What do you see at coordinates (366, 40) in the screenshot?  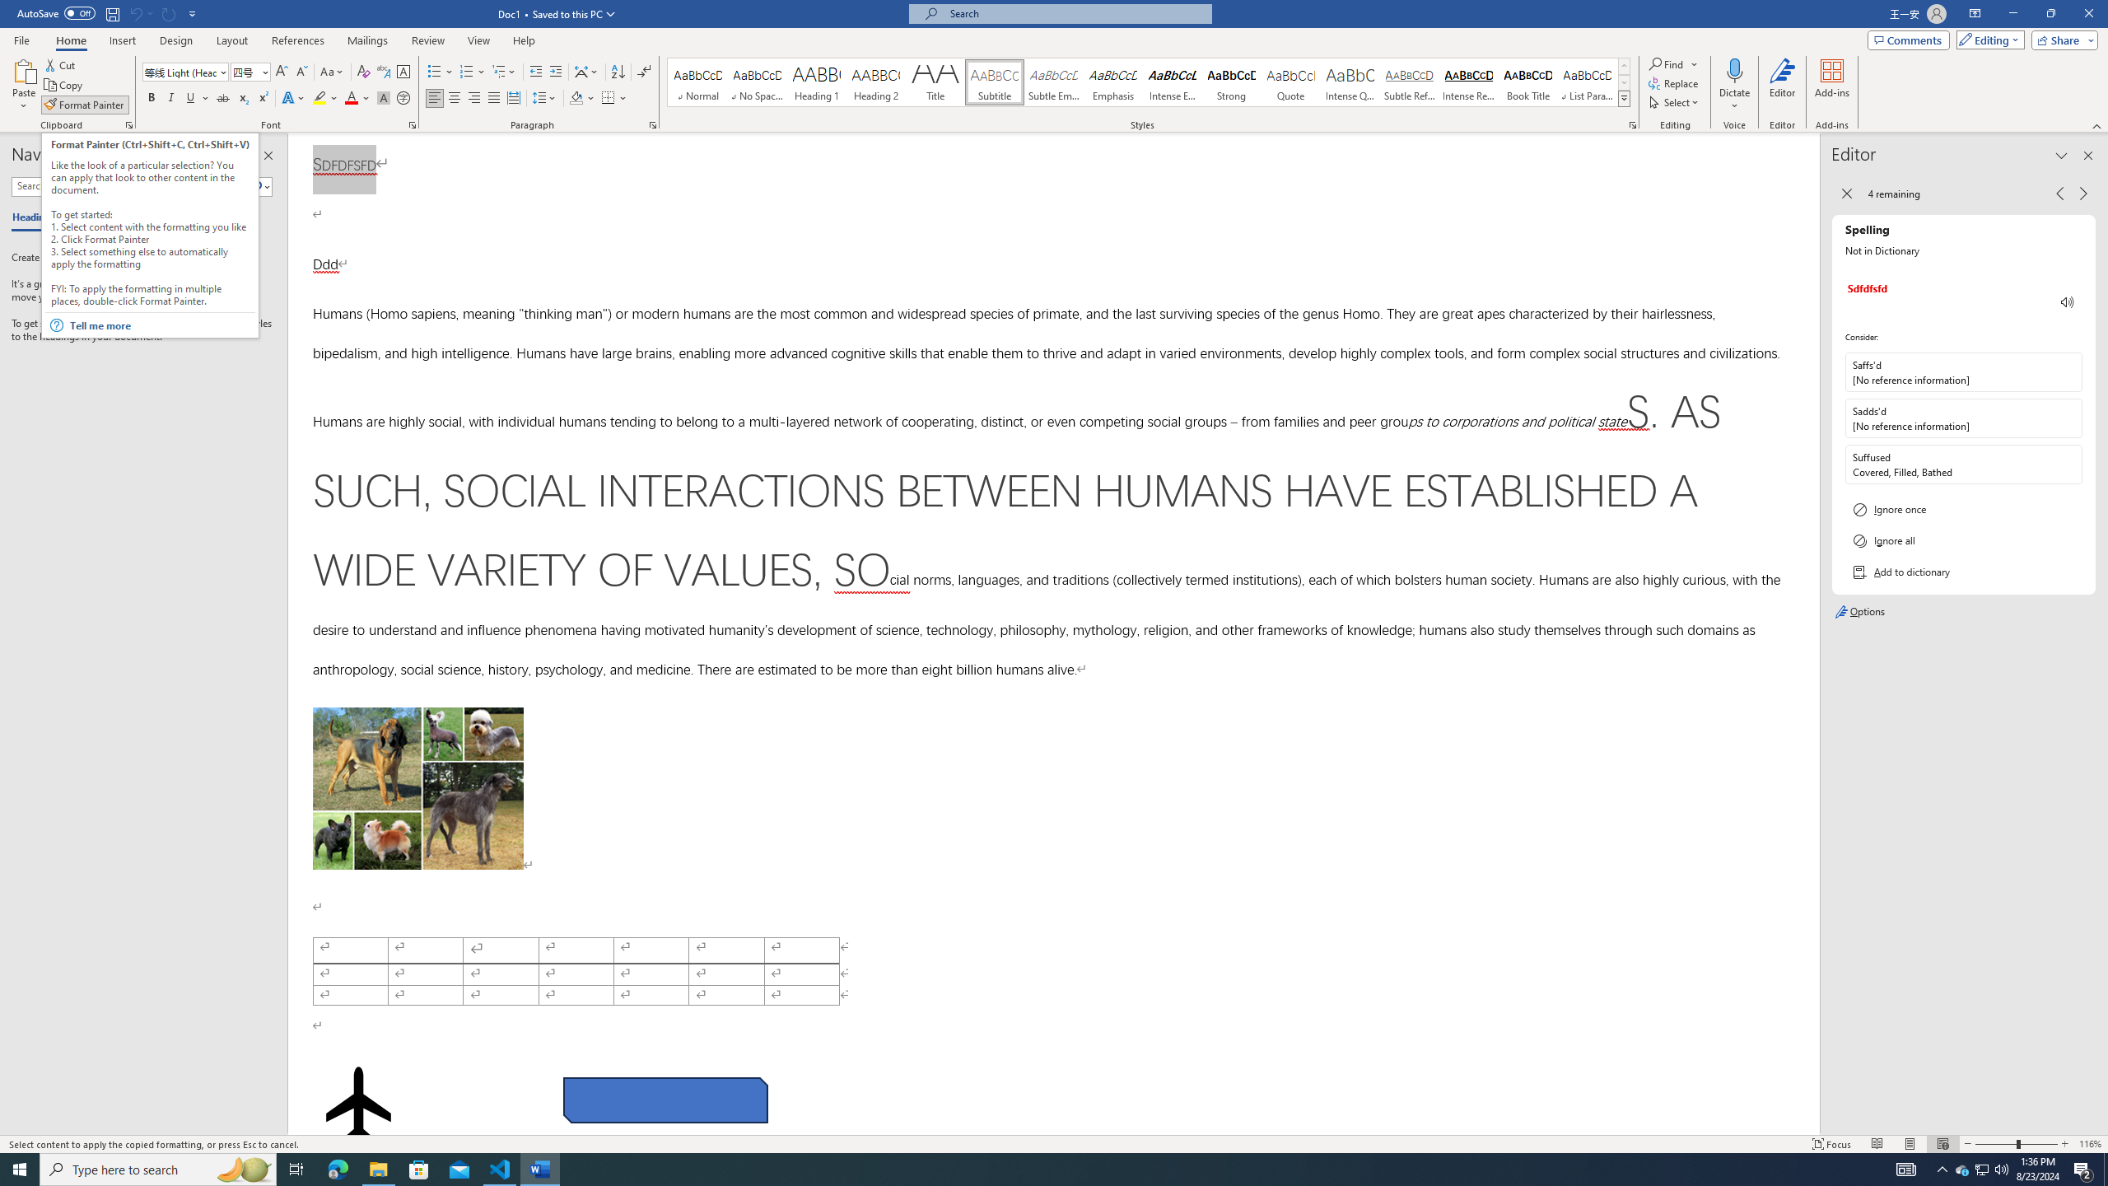 I see `'Mailings'` at bounding box center [366, 40].